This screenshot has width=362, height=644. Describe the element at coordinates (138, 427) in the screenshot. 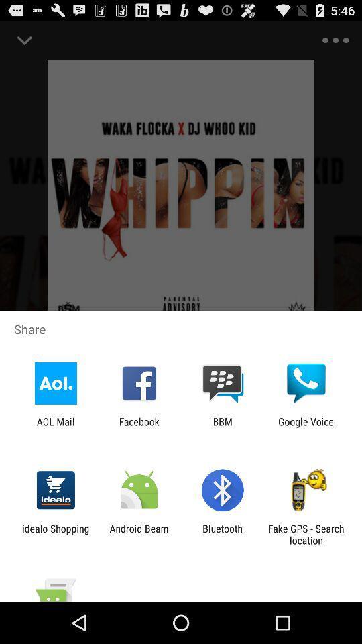

I see `the facebook item` at that location.